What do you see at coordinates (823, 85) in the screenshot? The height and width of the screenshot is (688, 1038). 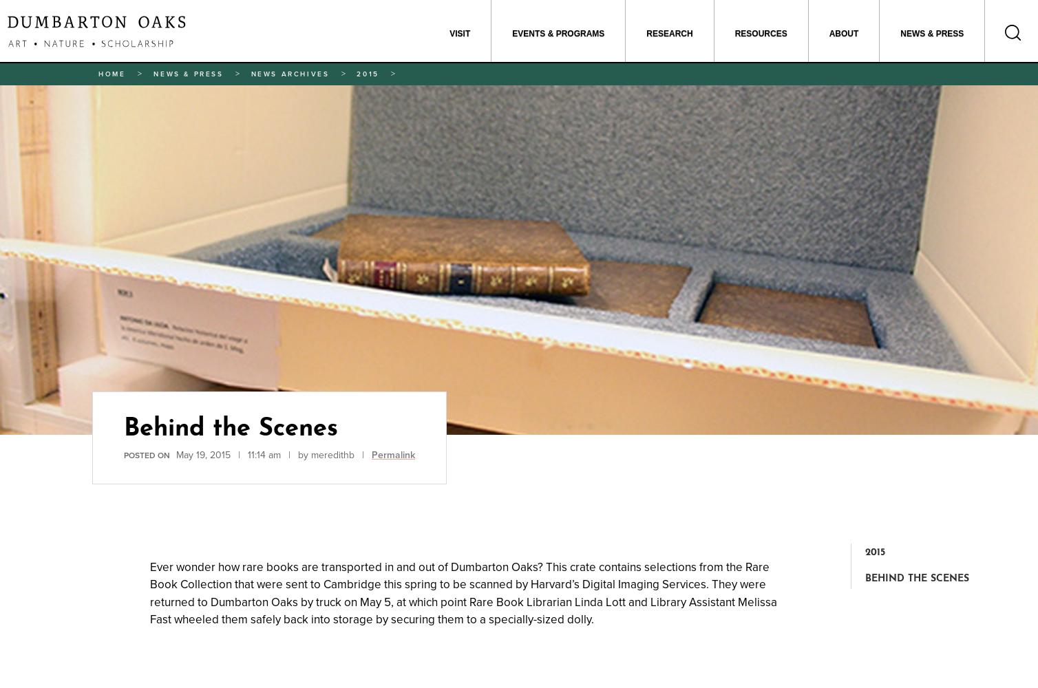 I see `'Pre-Columbian Studies'` at bounding box center [823, 85].